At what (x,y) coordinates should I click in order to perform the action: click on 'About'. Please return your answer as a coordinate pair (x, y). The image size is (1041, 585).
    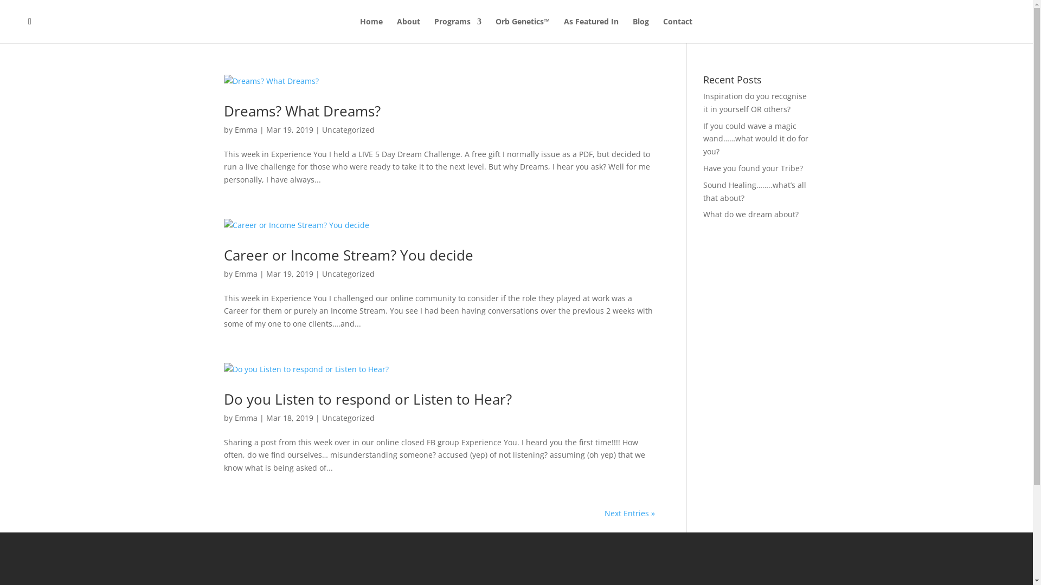
    Looking at the image, I should click on (408, 30).